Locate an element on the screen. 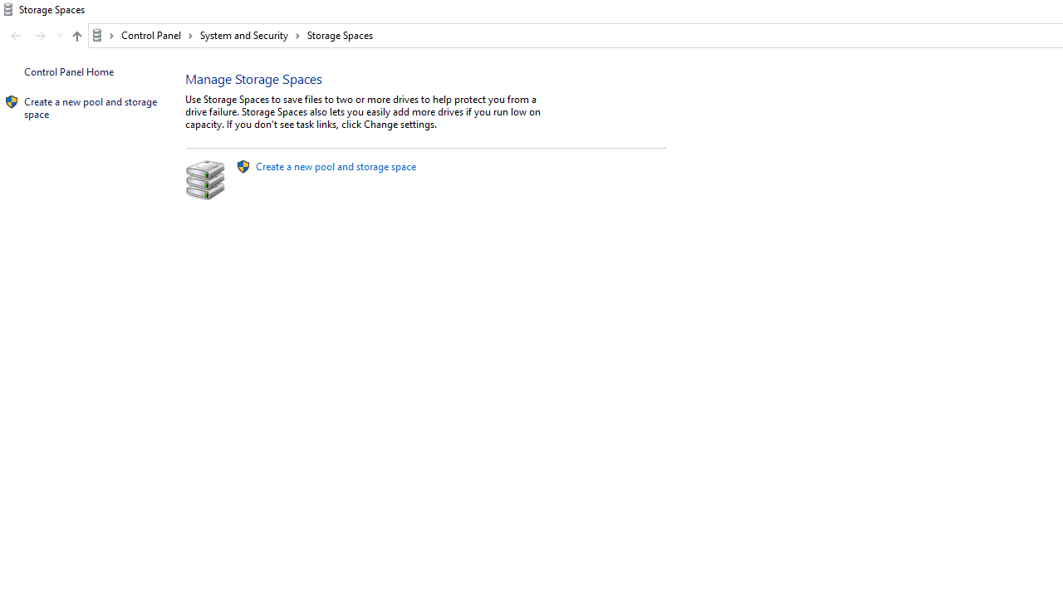  'Up to "System and Security" (Alt + Up Arrow)' is located at coordinates (76, 36).